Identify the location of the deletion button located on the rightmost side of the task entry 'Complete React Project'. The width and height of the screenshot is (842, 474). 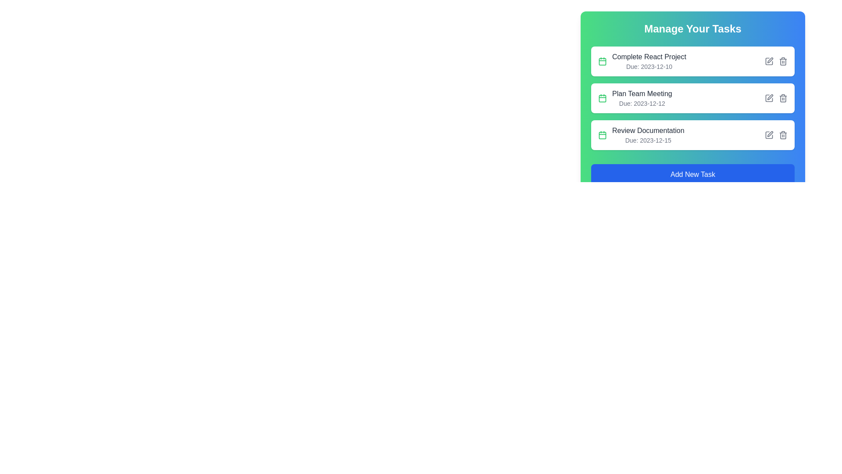
(783, 61).